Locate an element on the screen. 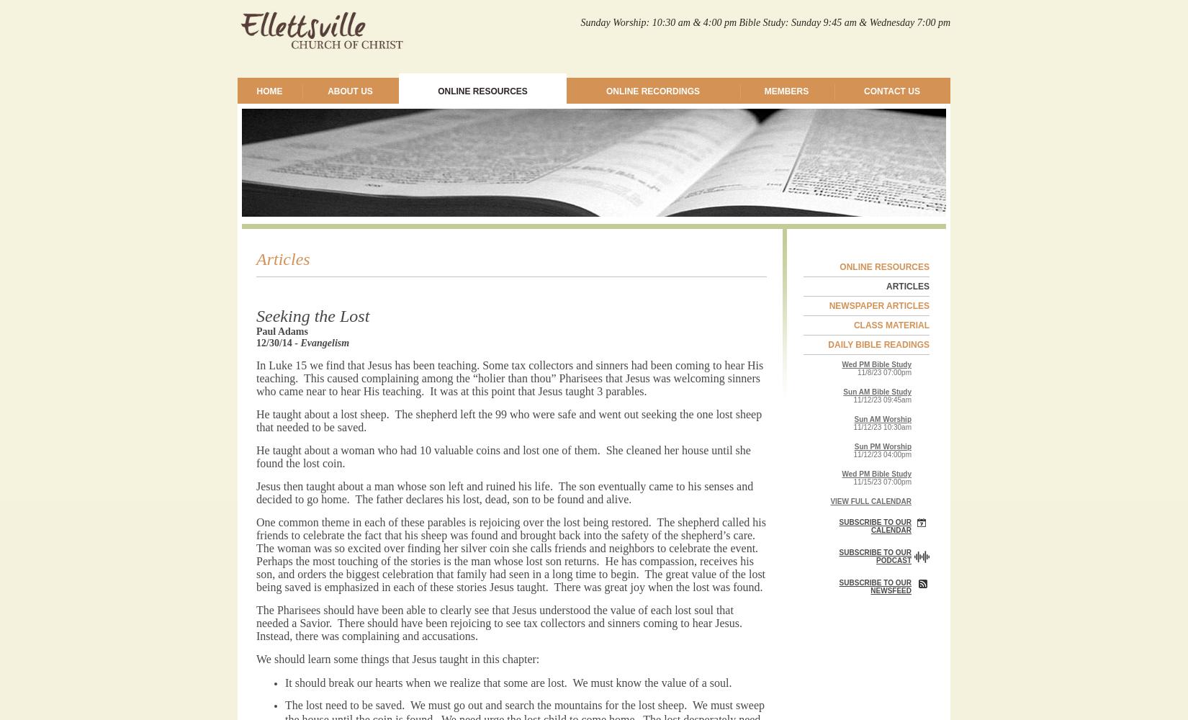 This screenshot has height=720, width=1188. 'Daily Bible Readings' is located at coordinates (878, 344).